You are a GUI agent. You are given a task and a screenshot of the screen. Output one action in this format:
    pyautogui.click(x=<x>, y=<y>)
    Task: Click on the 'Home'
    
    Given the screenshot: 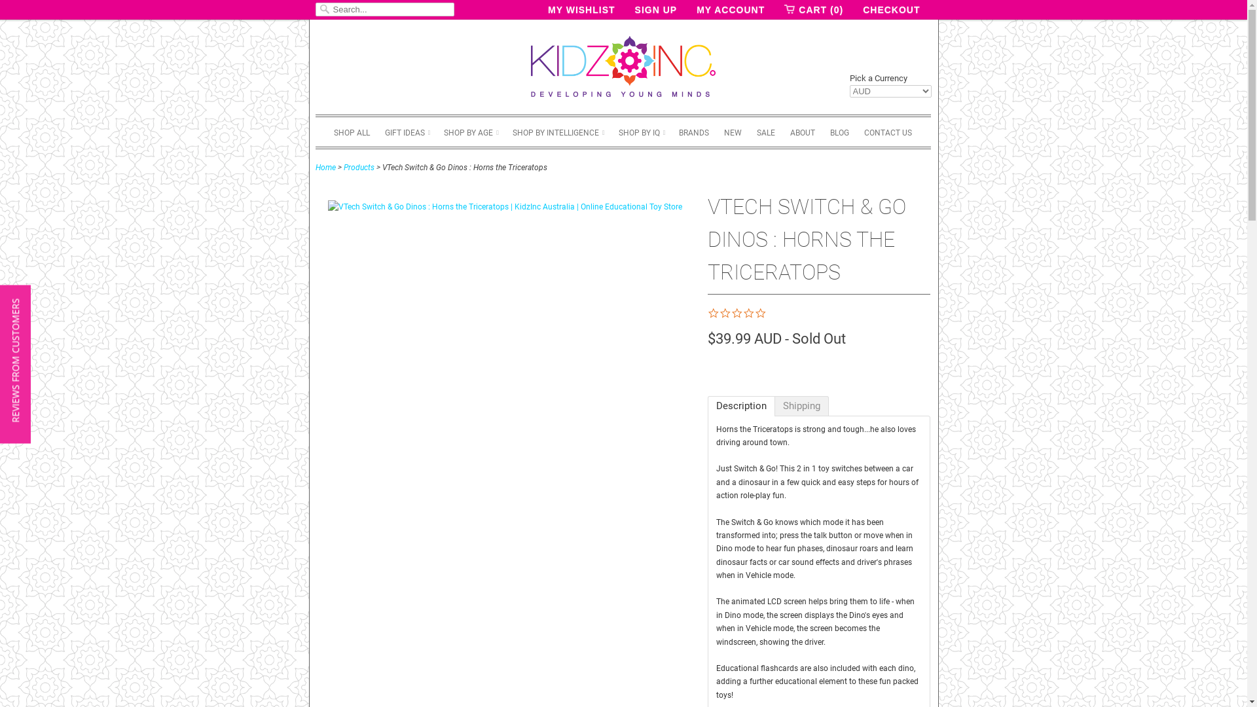 What is the action you would take?
    pyautogui.click(x=325, y=166)
    